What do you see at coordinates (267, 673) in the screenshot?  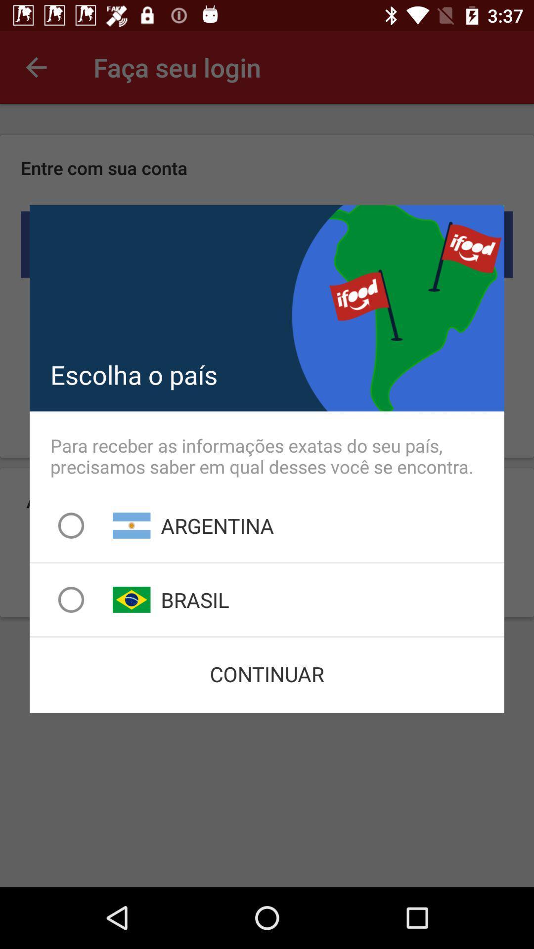 I see `the continuar icon` at bounding box center [267, 673].